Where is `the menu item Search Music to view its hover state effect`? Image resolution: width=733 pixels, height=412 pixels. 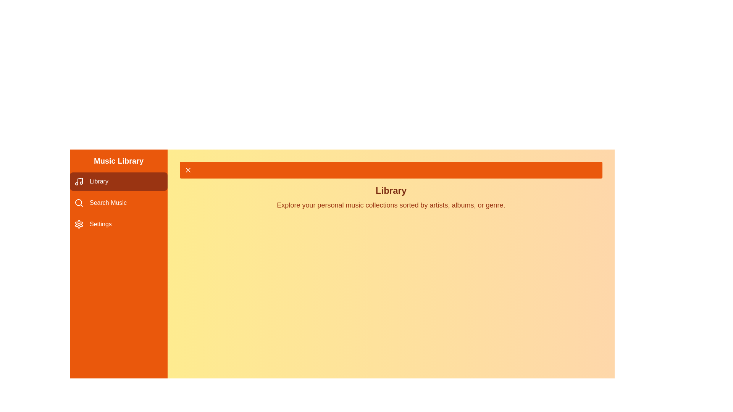
the menu item Search Music to view its hover state effect is located at coordinates (118, 203).